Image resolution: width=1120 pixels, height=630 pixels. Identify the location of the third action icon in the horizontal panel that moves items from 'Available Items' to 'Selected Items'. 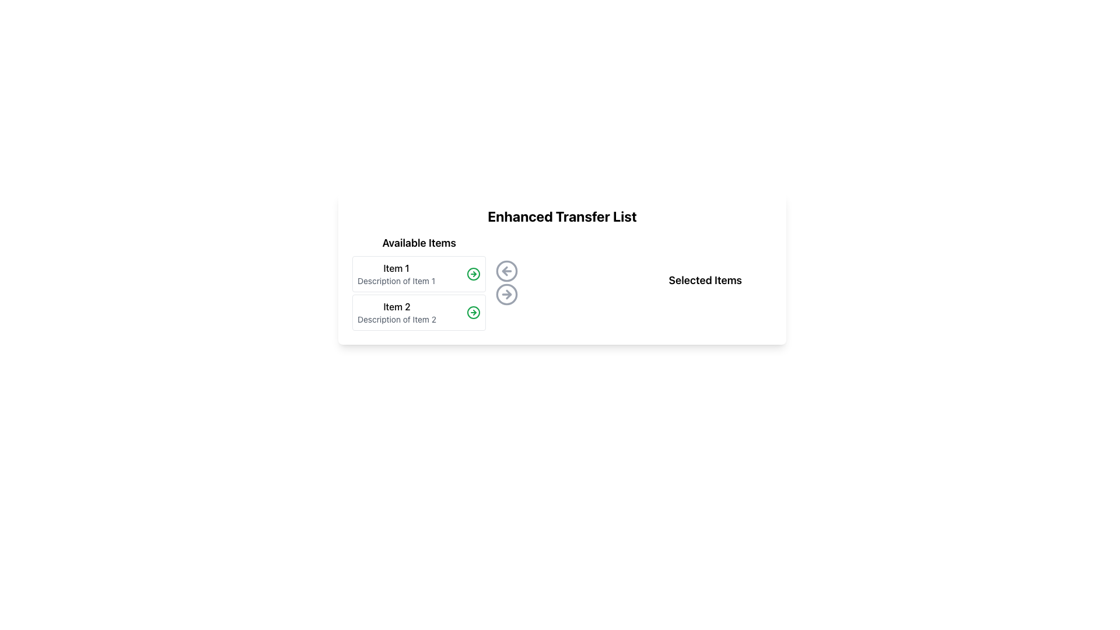
(509, 294).